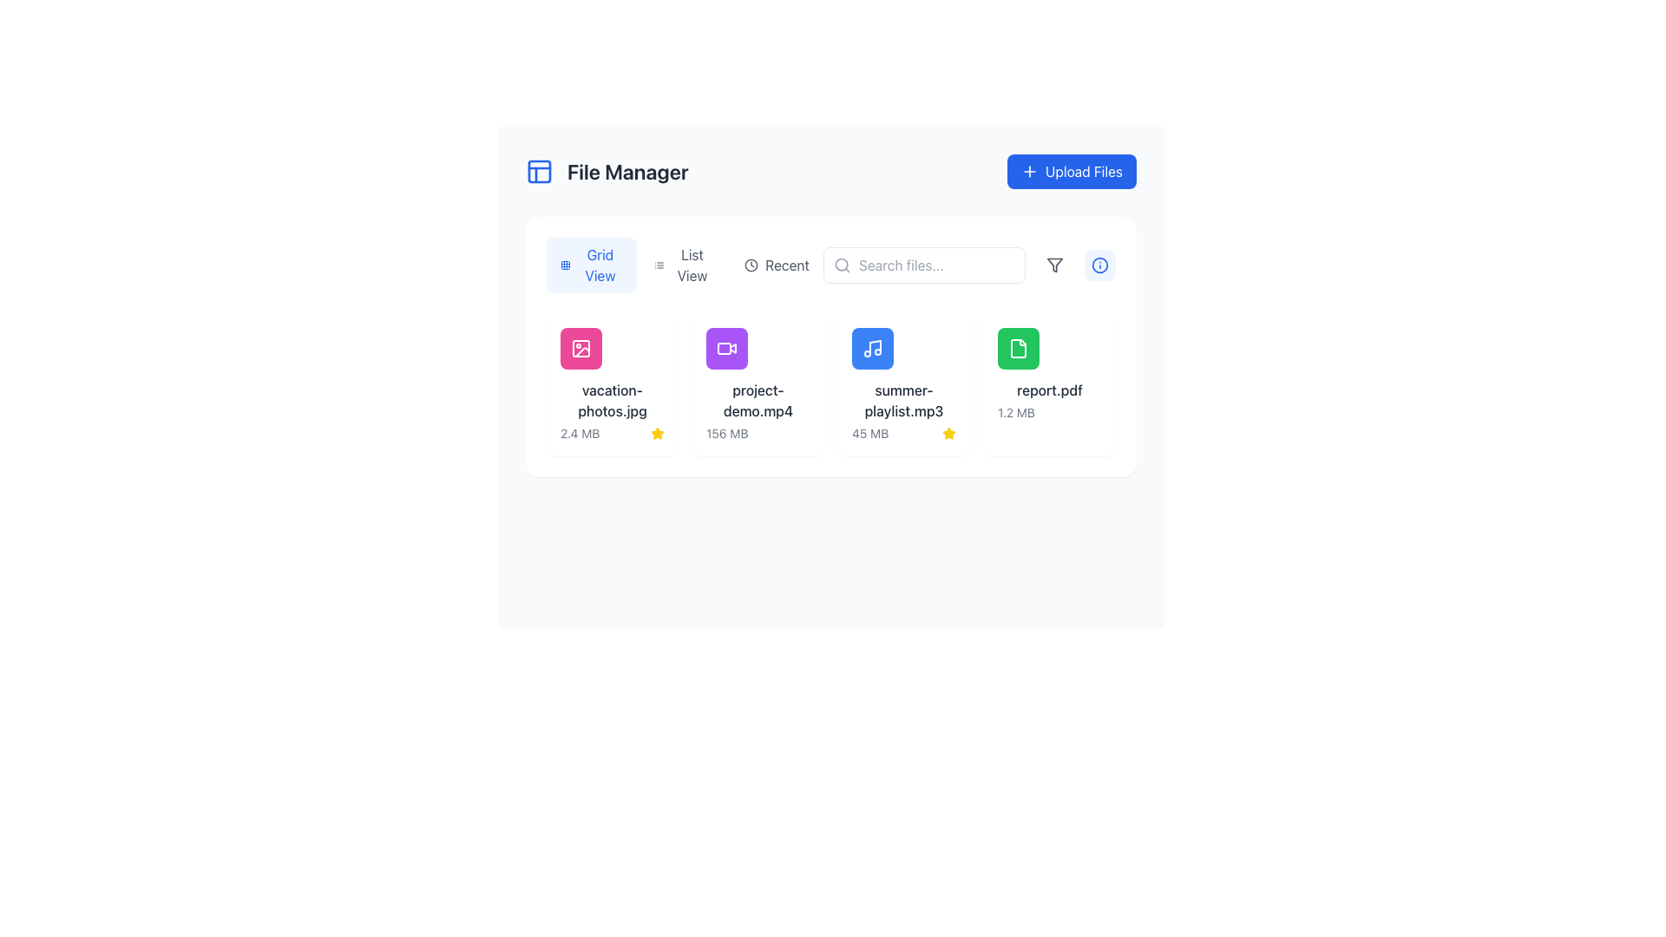 This screenshot has width=1666, height=937. Describe the element at coordinates (873, 348) in the screenshot. I see `the audio file icon labeled 'summer-playlist.mp3' located within the third card of the file manager interface` at that location.